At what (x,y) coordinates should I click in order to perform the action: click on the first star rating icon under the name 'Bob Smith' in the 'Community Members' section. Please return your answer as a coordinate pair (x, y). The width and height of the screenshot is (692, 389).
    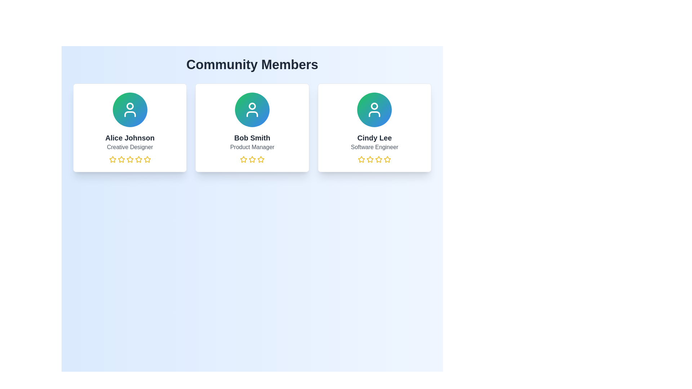
    Looking at the image, I should click on (244, 159).